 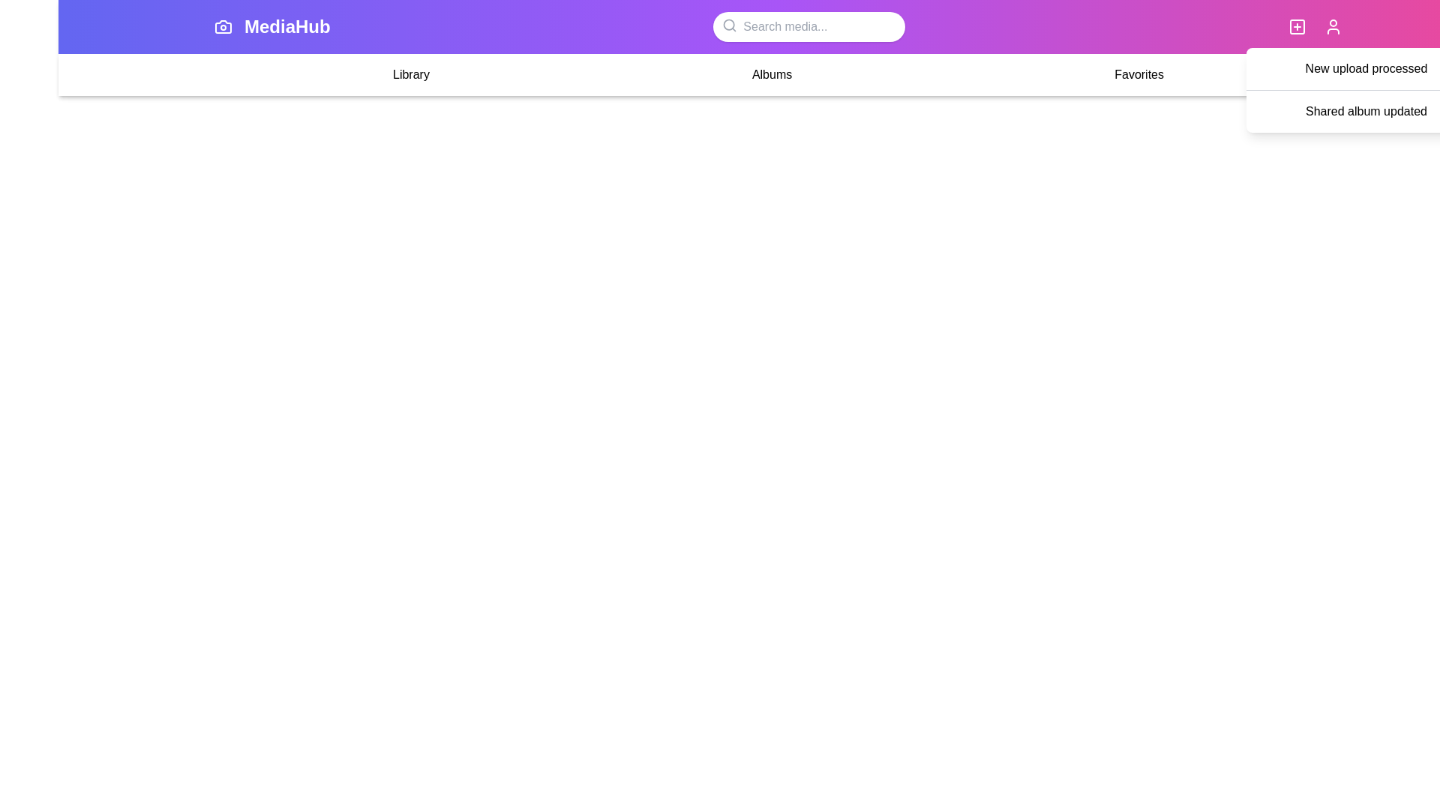 What do you see at coordinates (771, 75) in the screenshot?
I see `the 'Albums' menu item to view the albums` at bounding box center [771, 75].